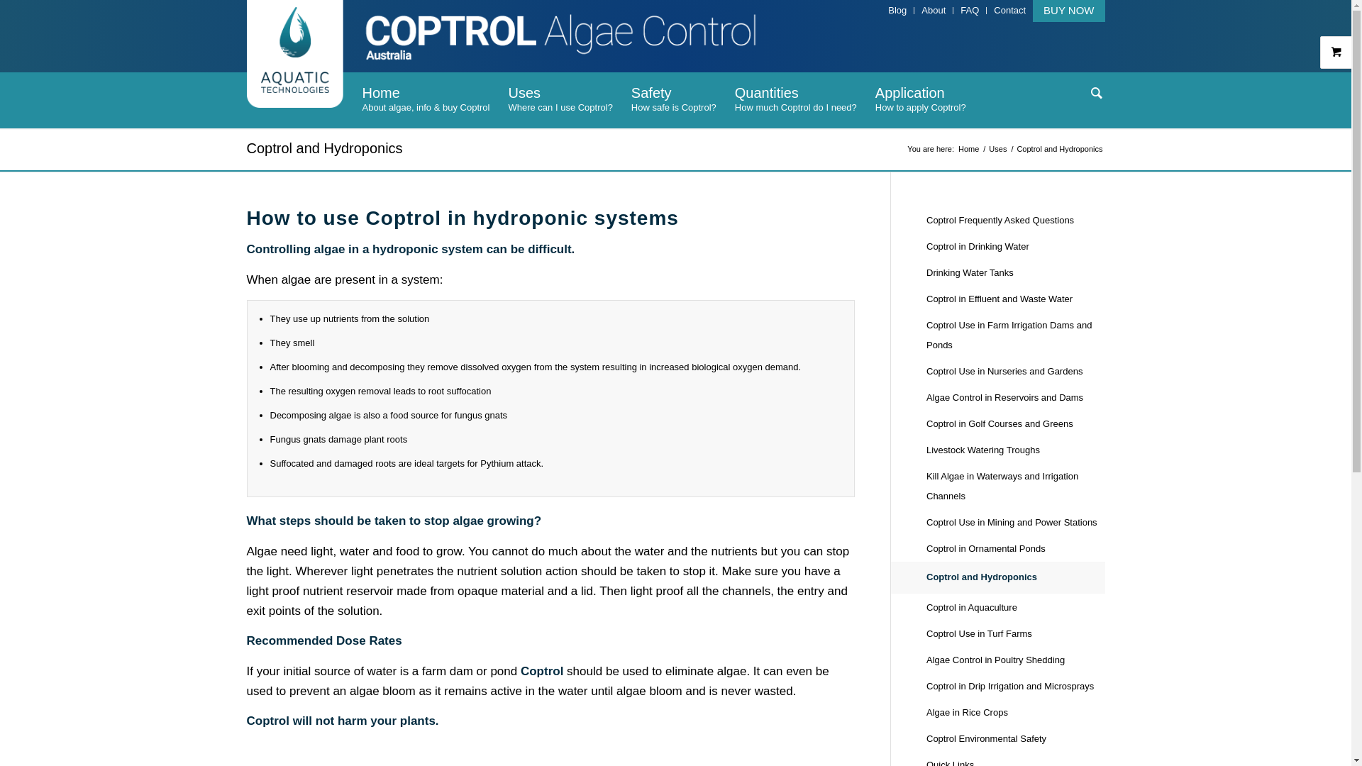 The width and height of the screenshot is (1362, 766). What do you see at coordinates (1014, 398) in the screenshot?
I see `'Algae Control in Reservoirs and Dams'` at bounding box center [1014, 398].